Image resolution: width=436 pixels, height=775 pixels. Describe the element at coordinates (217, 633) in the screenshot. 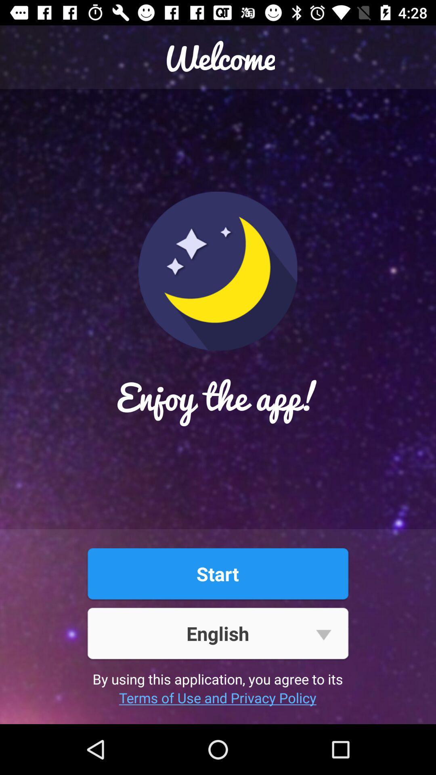

I see `button below the start` at that location.